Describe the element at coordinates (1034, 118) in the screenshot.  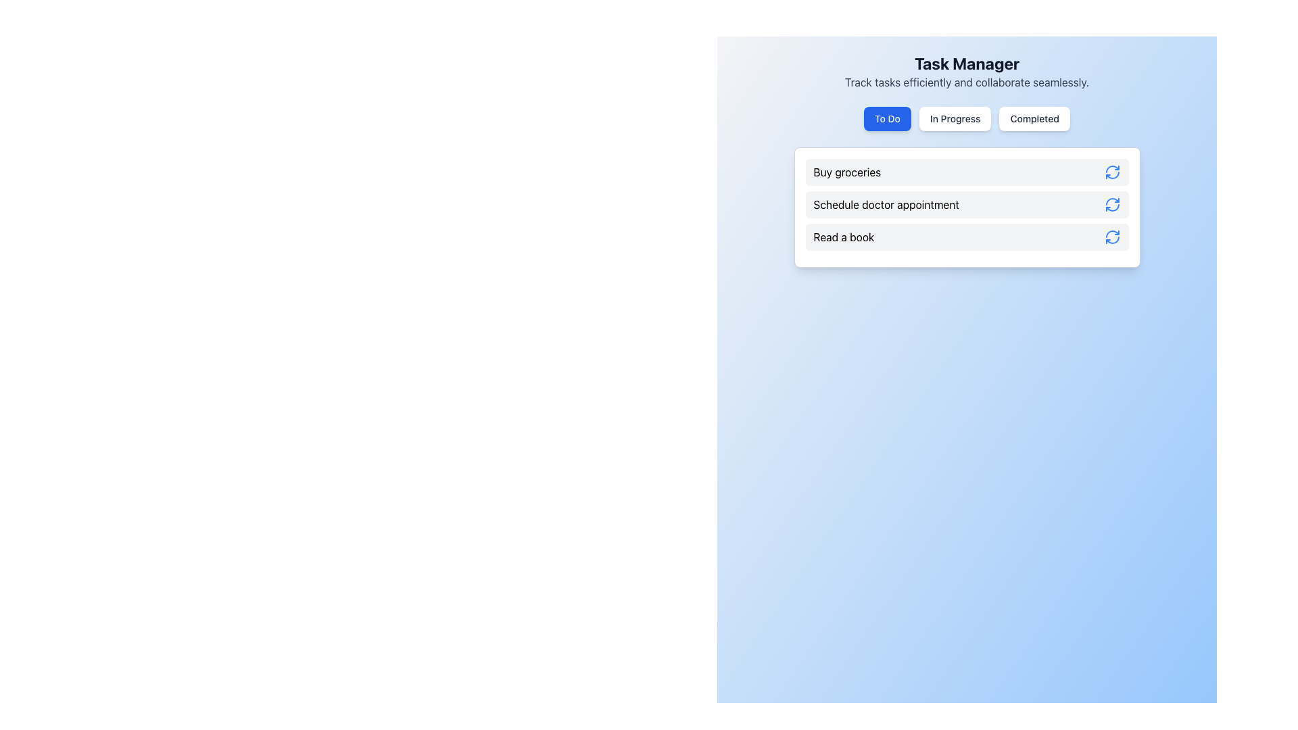
I see `the 'Completed' button, which is the third button in a group of three` at that location.